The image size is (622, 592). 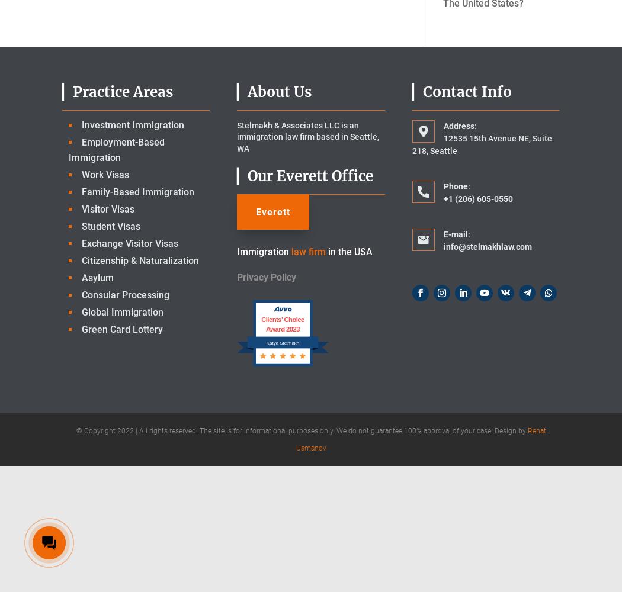 I want to click on 'info@stelmakhlaw.com', so click(x=486, y=246).